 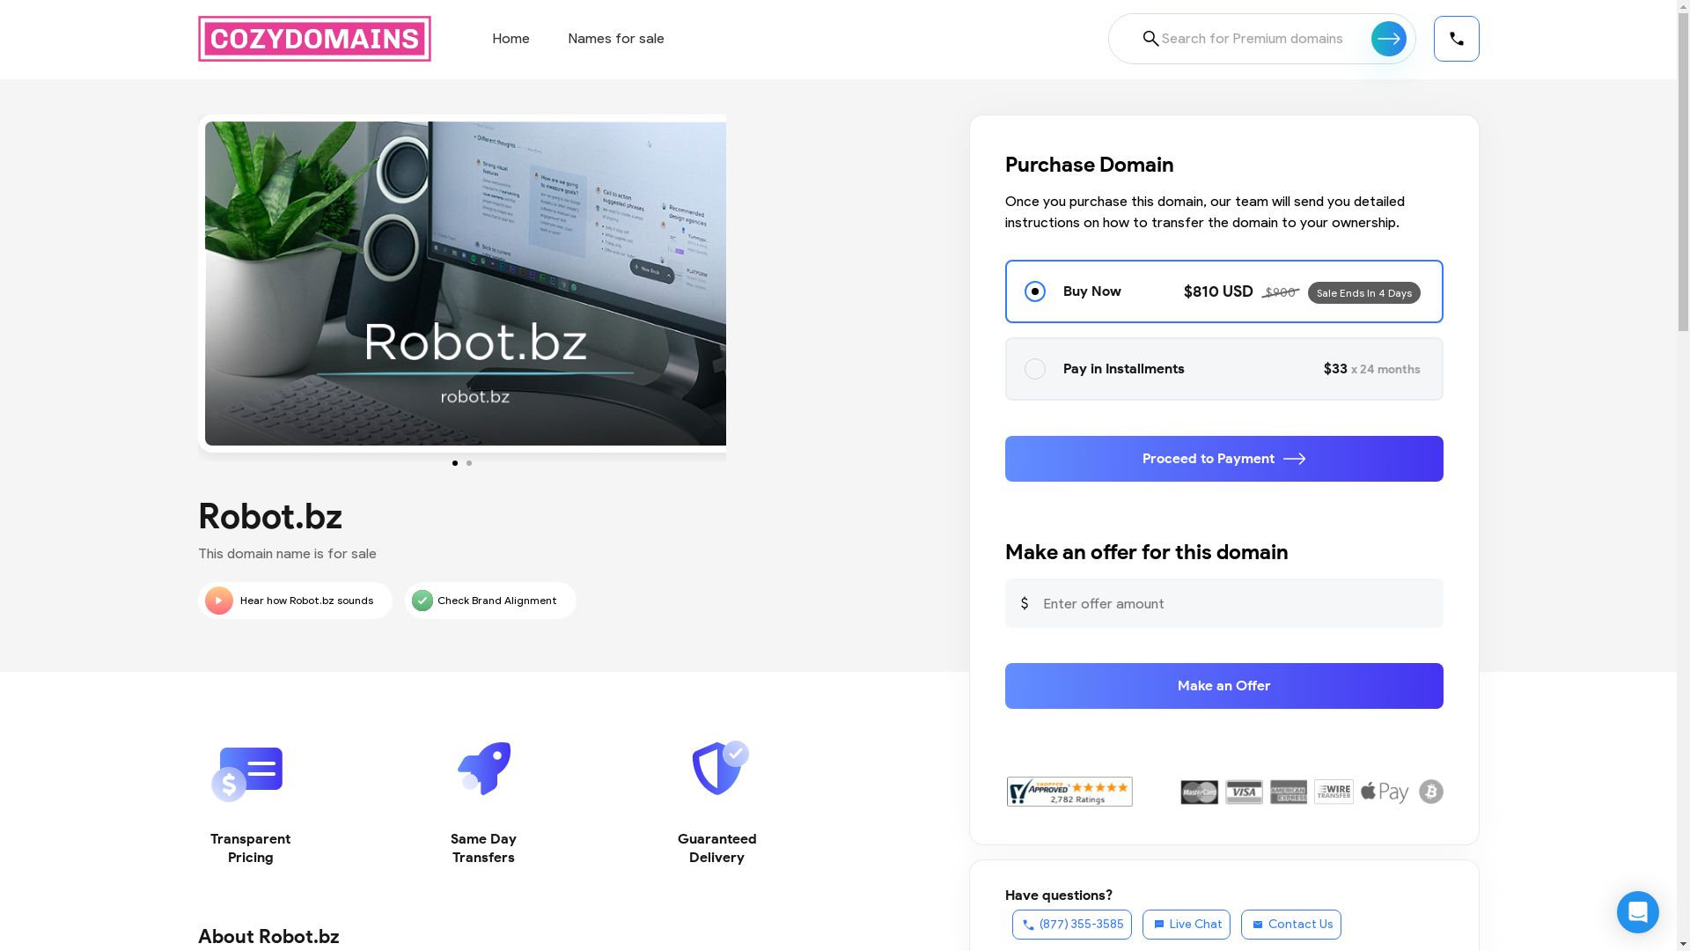 I want to click on 'Live Chat', so click(x=1142, y=923).